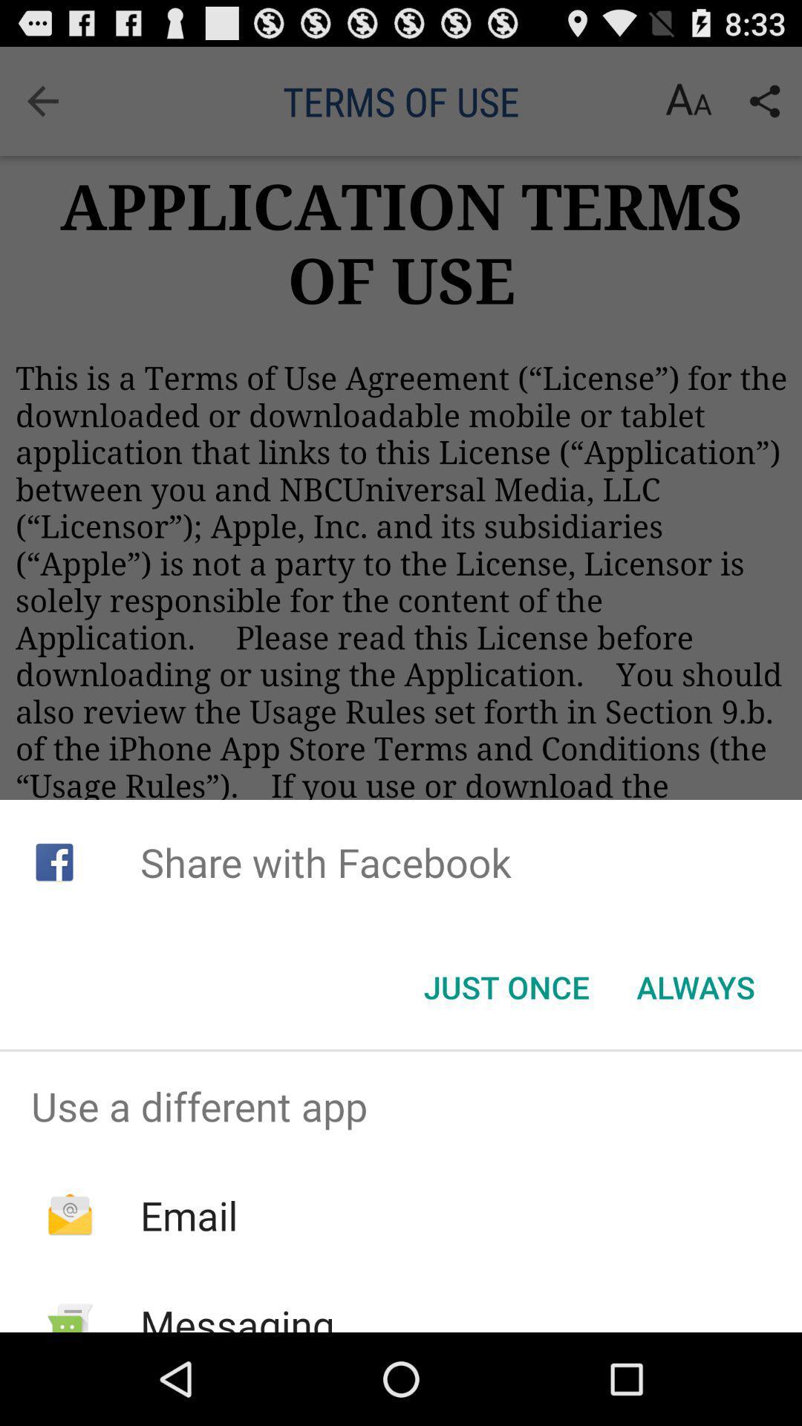 The height and width of the screenshot is (1426, 802). What do you see at coordinates (696, 987) in the screenshot?
I see `icon at the bottom right corner` at bounding box center [696, 987].